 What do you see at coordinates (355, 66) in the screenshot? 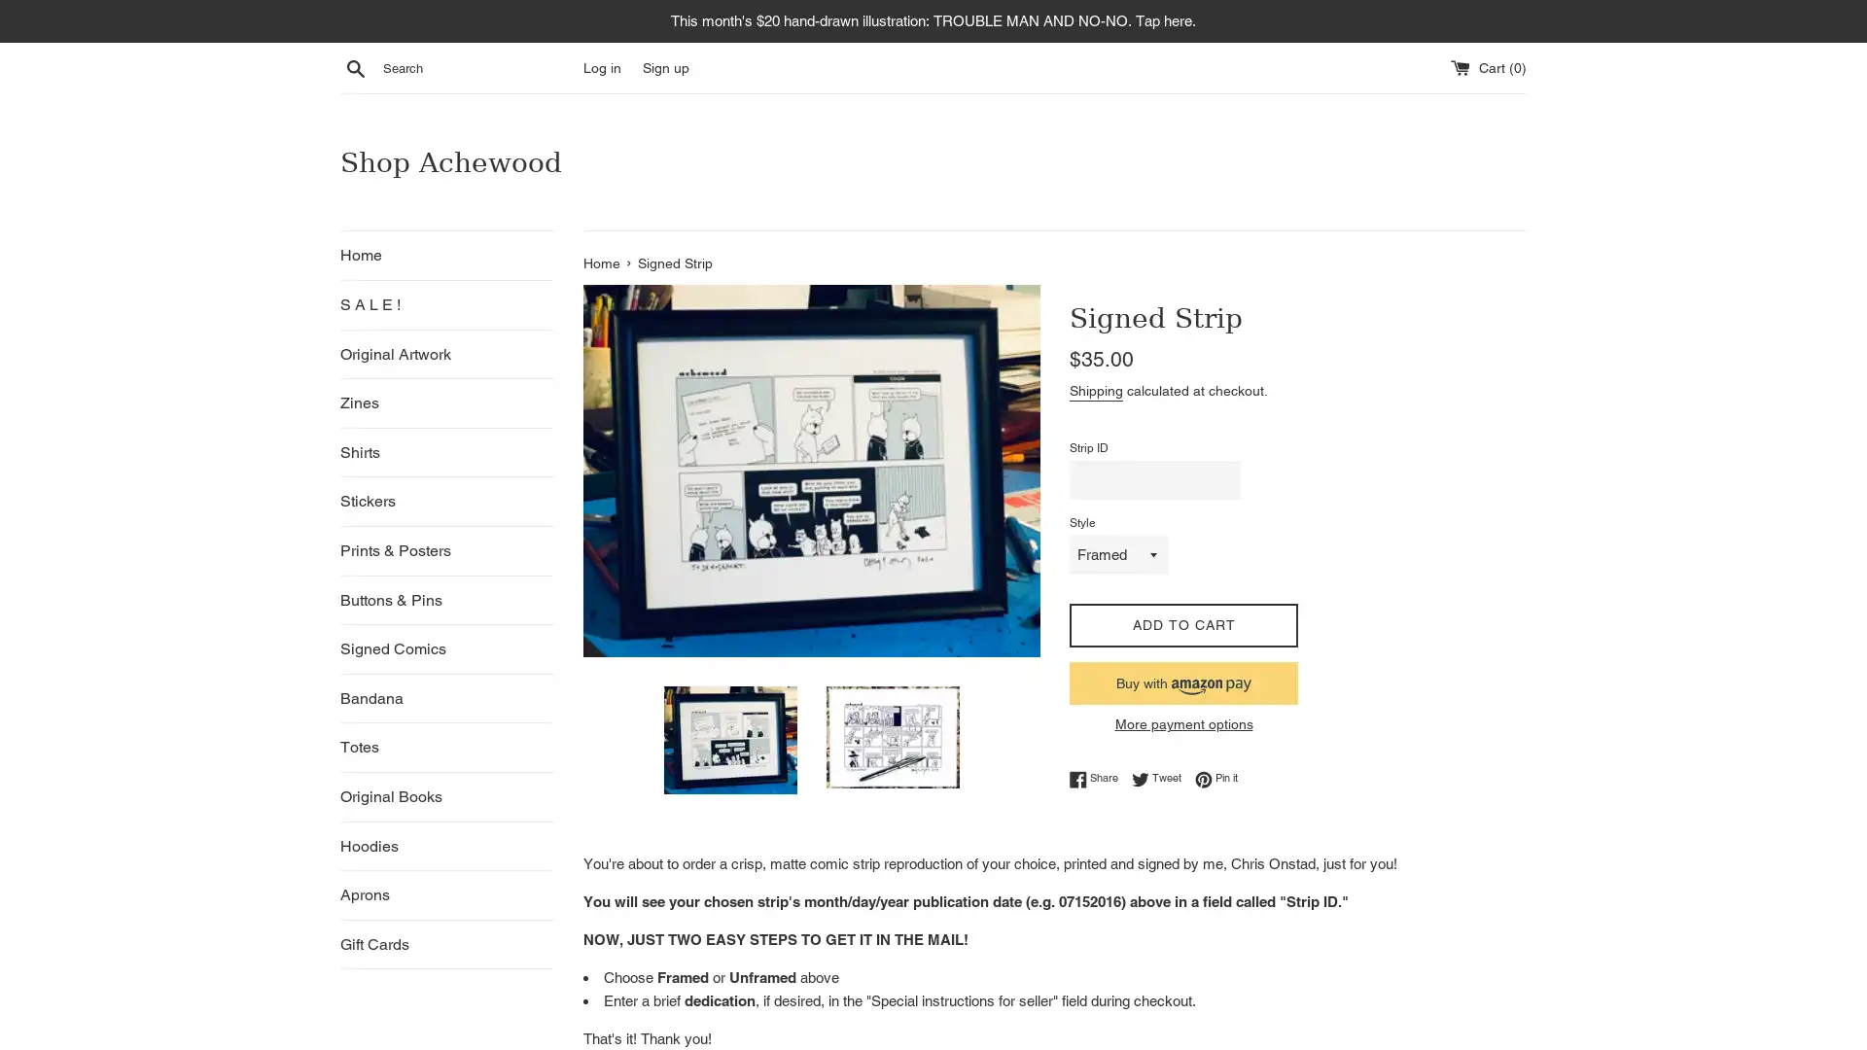
I see `Search` at bounding box center [355, 66].